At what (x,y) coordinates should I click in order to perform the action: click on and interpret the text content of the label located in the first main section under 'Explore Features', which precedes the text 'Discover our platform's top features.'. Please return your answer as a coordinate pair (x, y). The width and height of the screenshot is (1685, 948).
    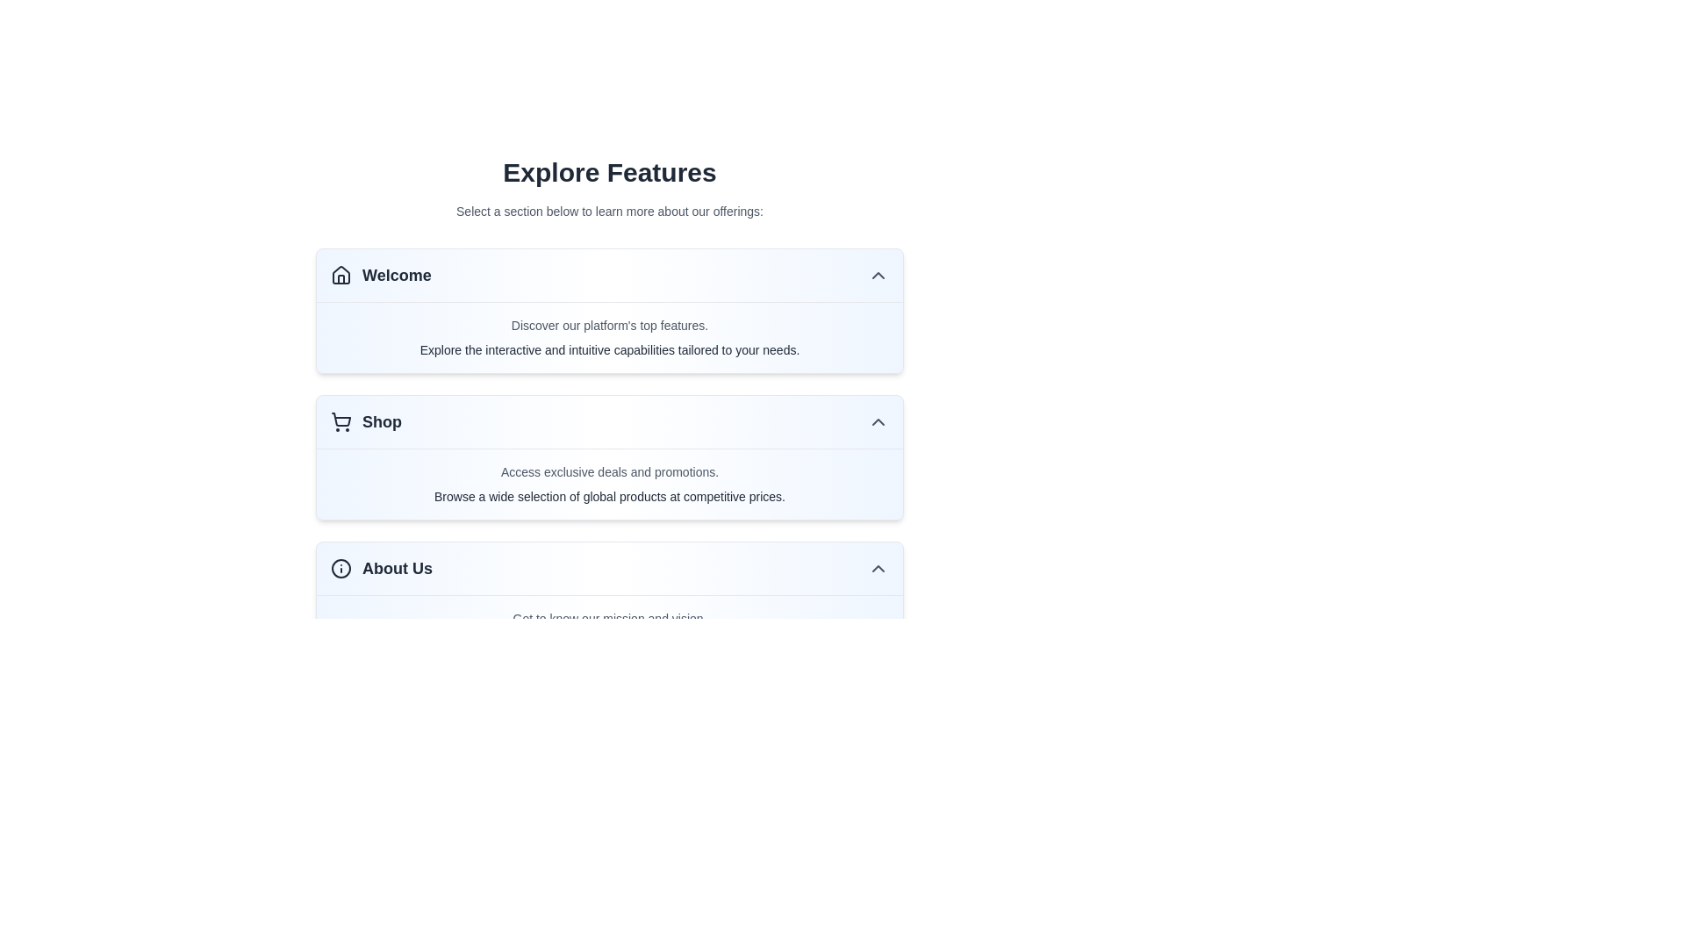
    Looking at the image, I should click on (380, 275).